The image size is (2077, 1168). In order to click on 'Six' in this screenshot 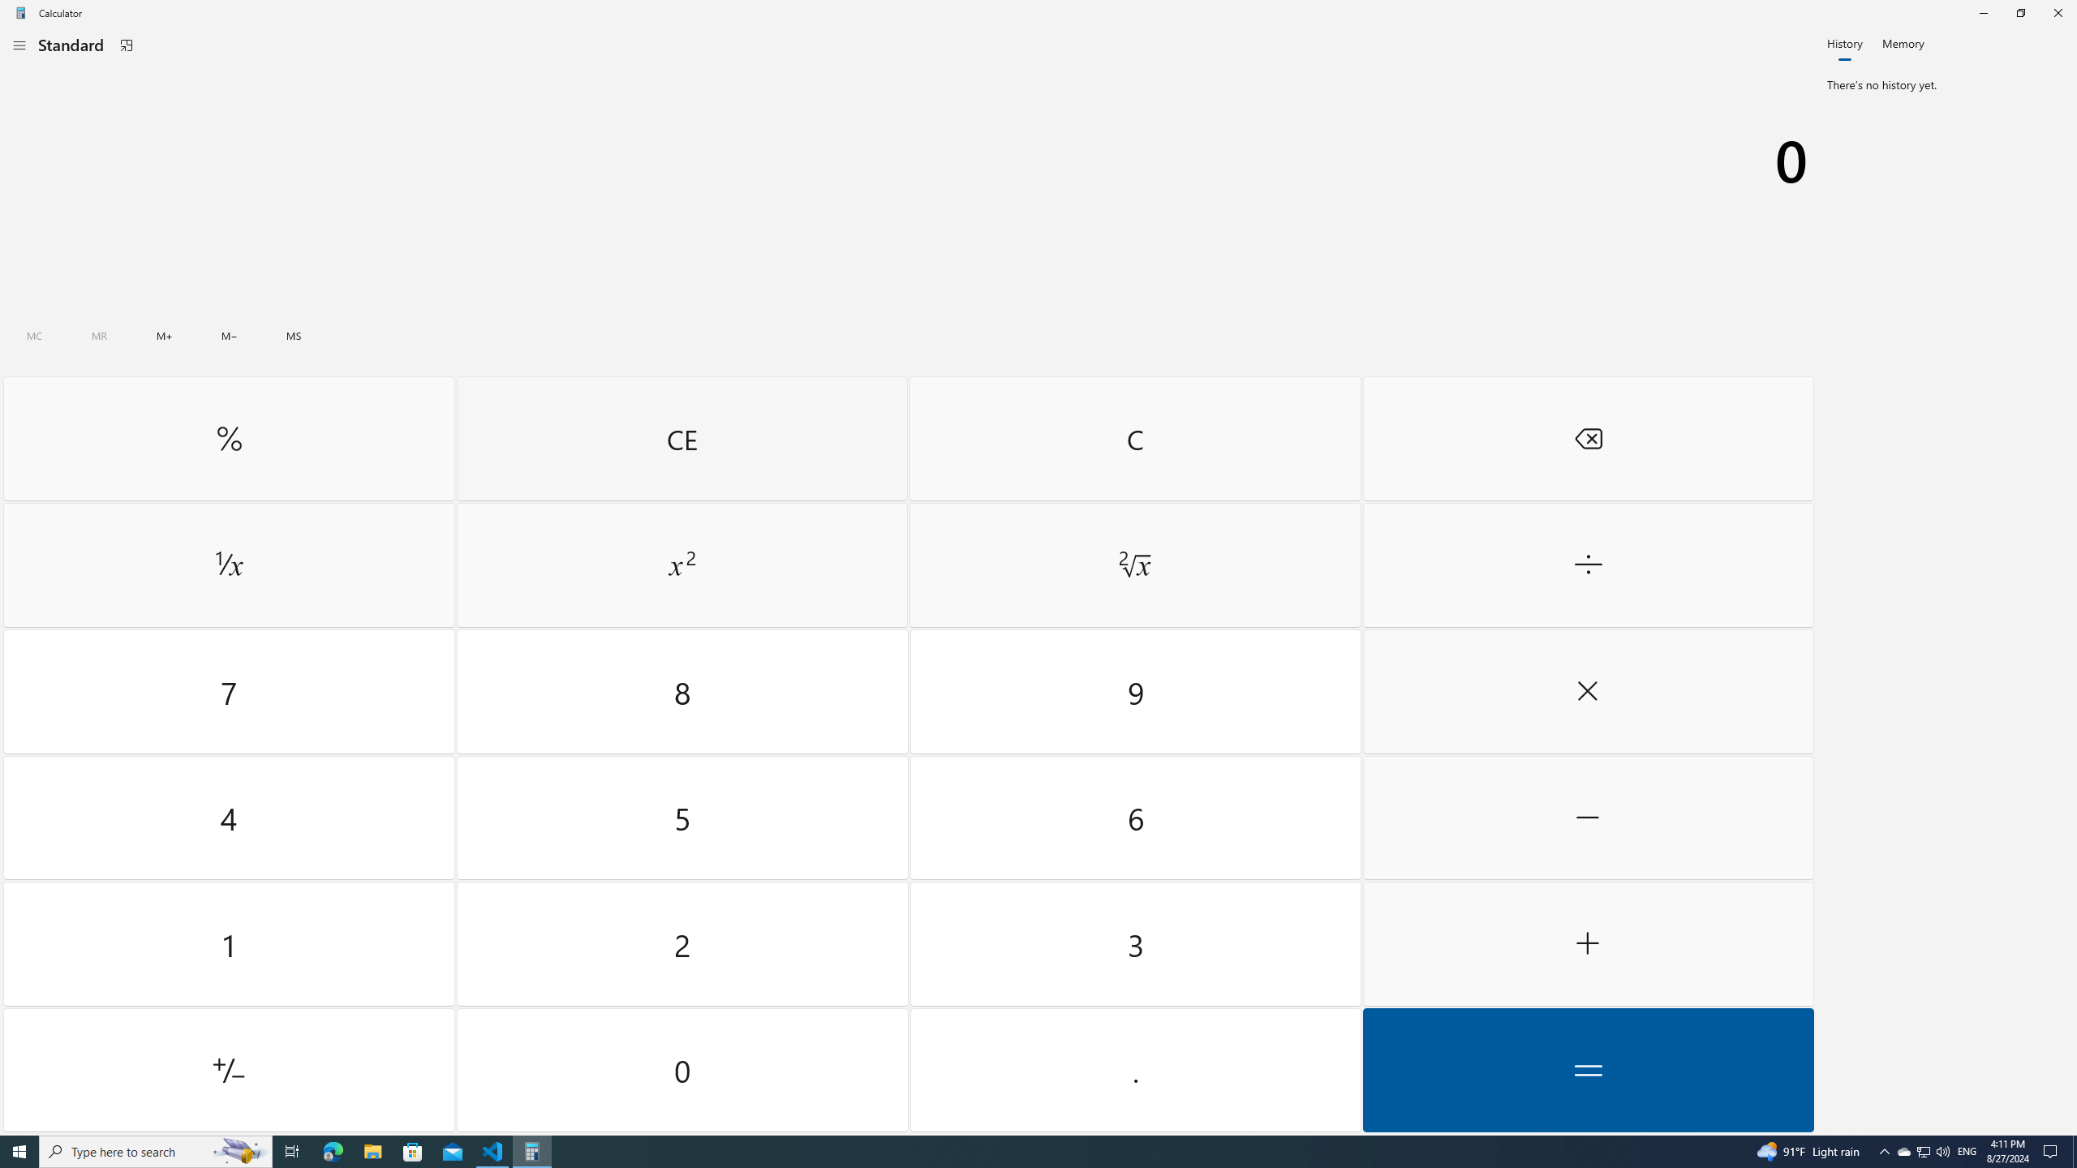, I will do `click(1134, 817)`.